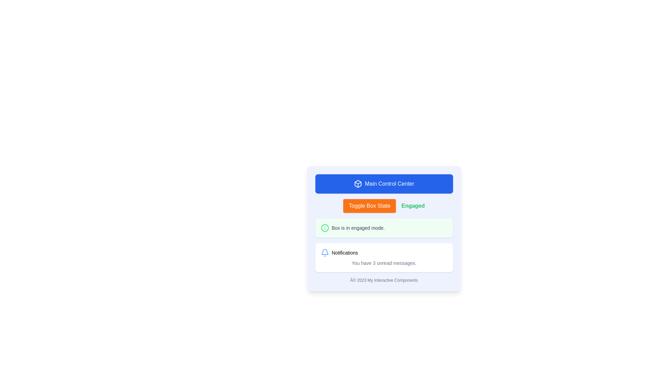 The image size is (661, 372). Describe the element at coordinates (413, 205) in the screenshot. I see `the static text label indicating 'Engaged', which is located to the right of the 'Toggle Box State' button and centered vertically within the panel` at that location.